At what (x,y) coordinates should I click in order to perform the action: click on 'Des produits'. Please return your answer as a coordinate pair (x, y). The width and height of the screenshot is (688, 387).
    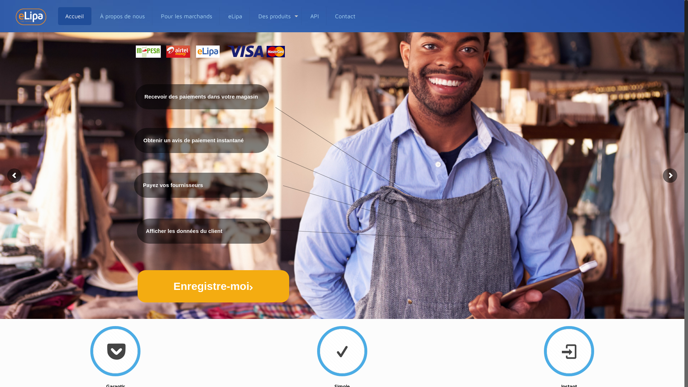
    Looking at the image, I should click on (276, 16).